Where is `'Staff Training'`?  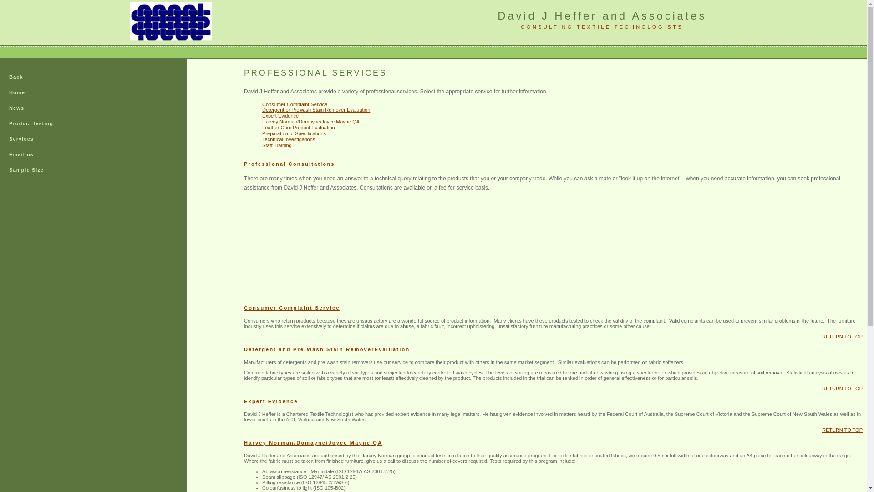 'Staff Training' is located at coordinates (276, 145).